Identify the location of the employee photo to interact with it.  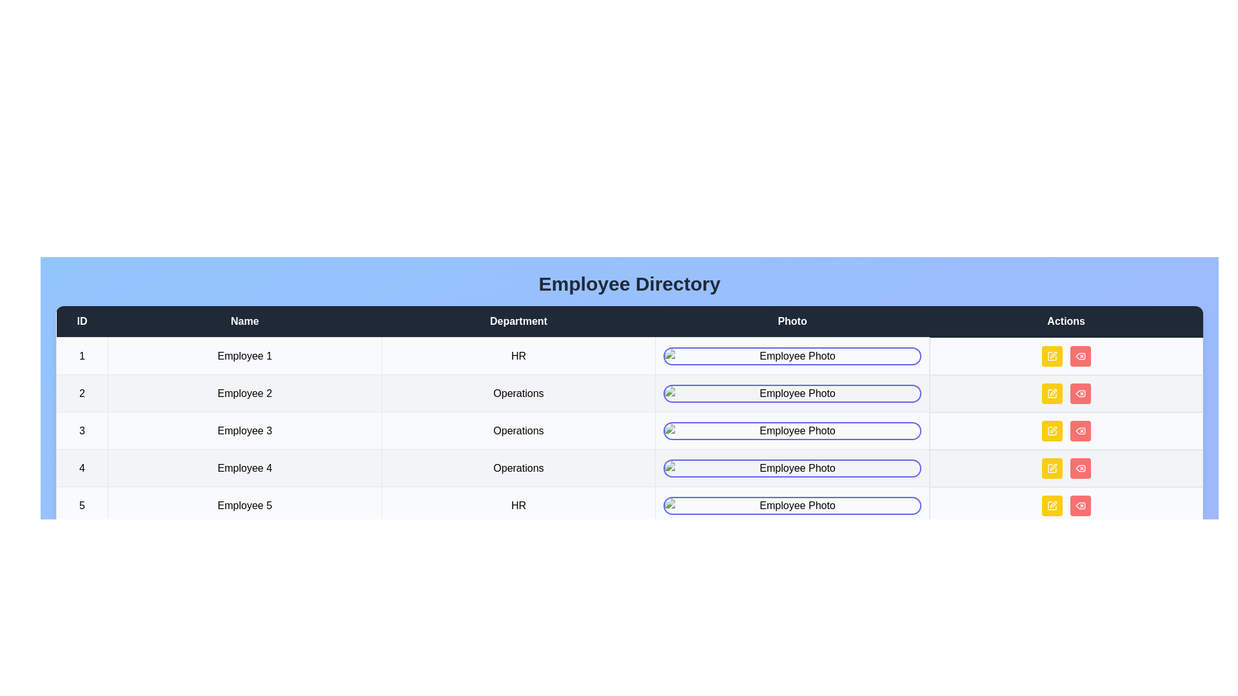
(791, 355).